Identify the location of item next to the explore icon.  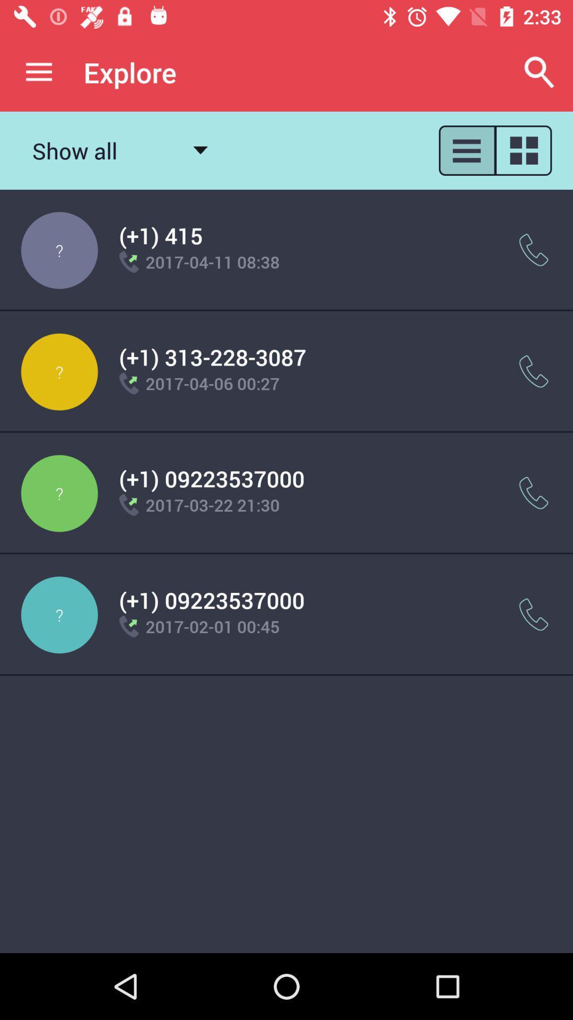
(38, 72).